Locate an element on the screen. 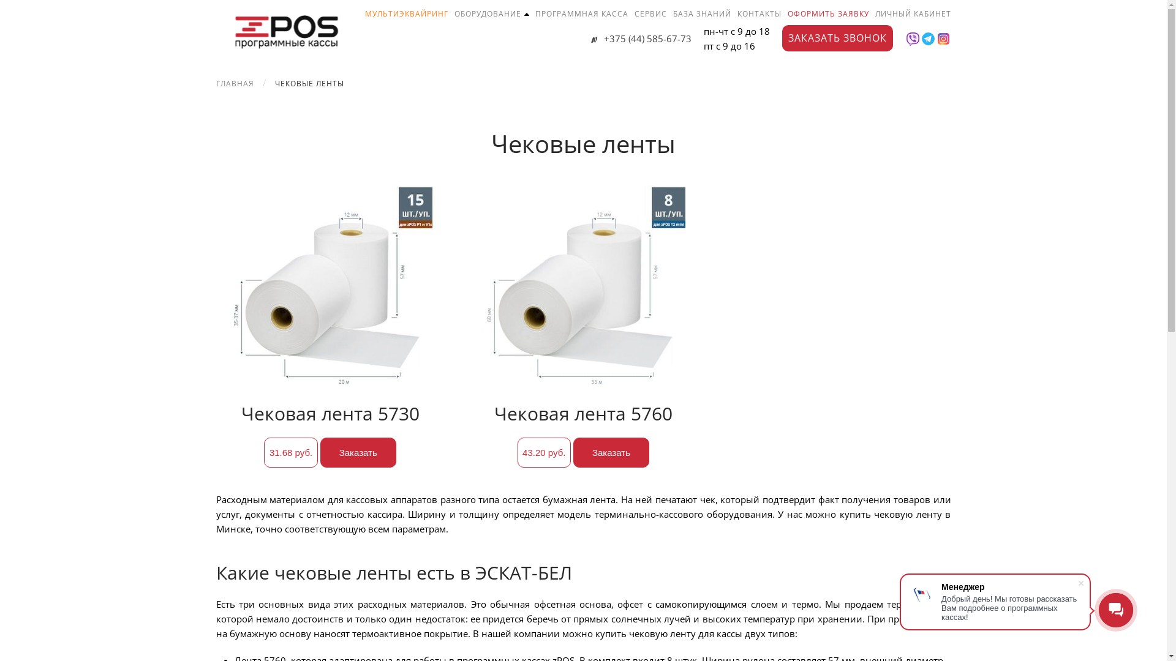  '+375 (44) 585-67-73' is located at coordinates (590, 37).